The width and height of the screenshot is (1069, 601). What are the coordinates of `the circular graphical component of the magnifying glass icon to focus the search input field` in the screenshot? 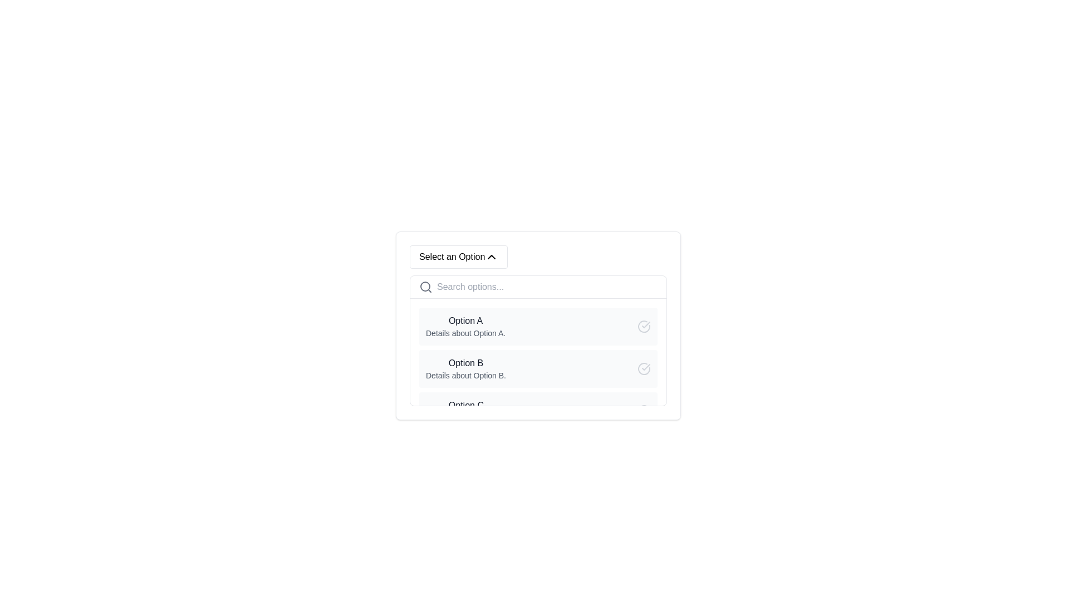 It's located at (424, 286).